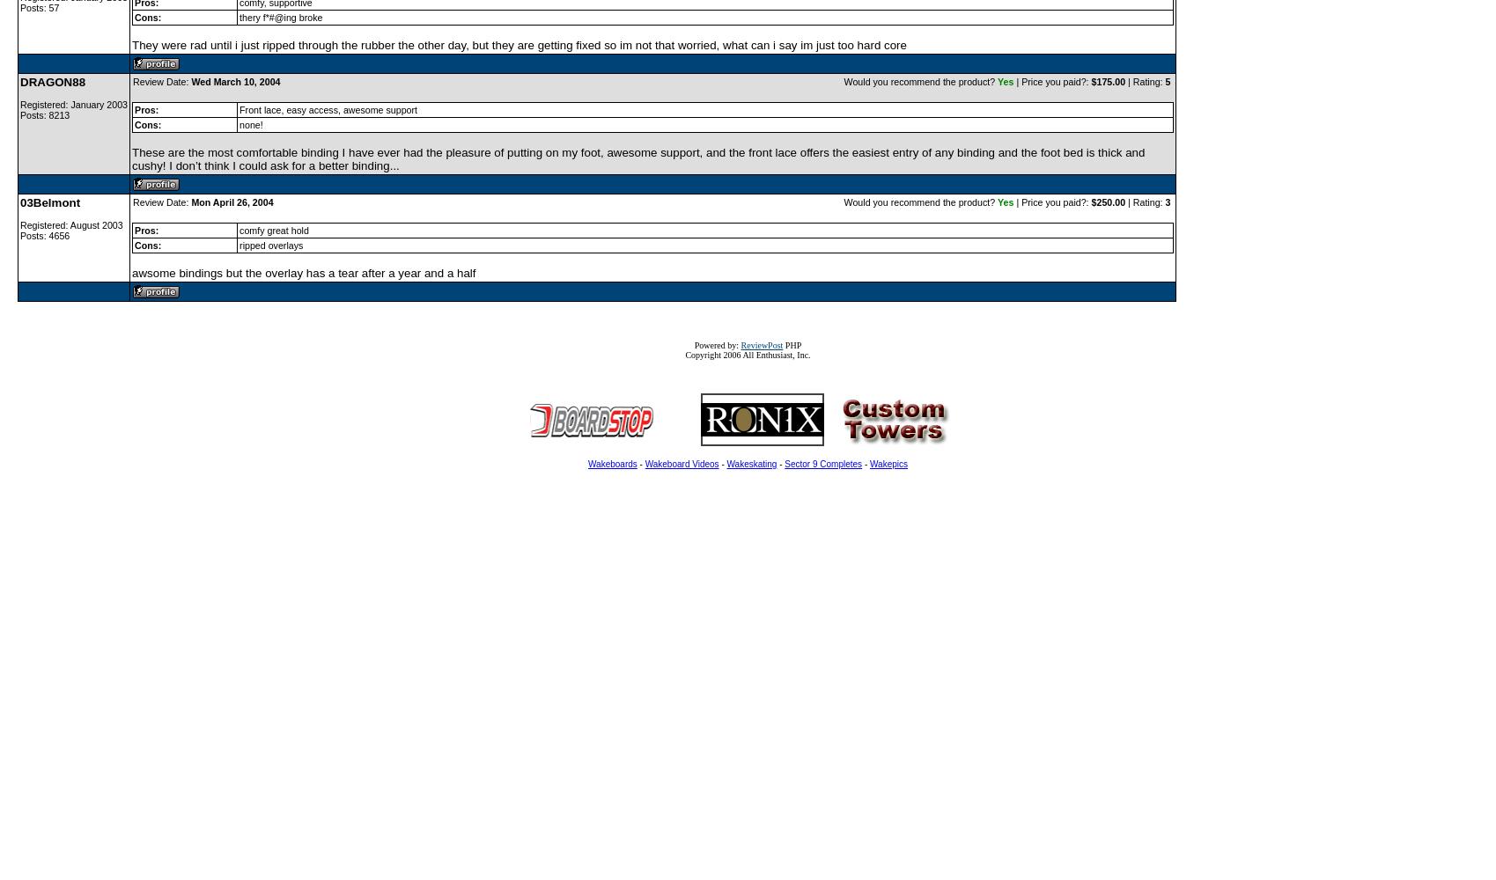 This screenshot has width=1496, height=880. I want to click on '$250.00', so click(1107, 202).